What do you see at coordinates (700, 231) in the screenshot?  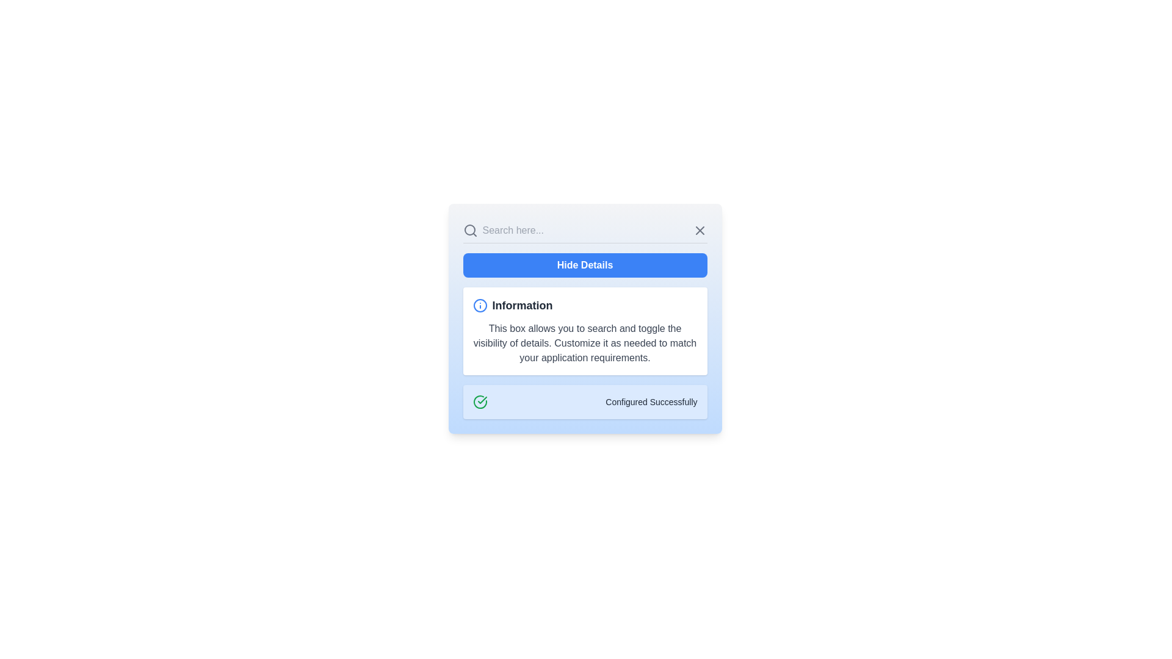 I see `the 'Close' button represented by an 'X' mark at the far right end of the header section` at bounding box center [700, 231].